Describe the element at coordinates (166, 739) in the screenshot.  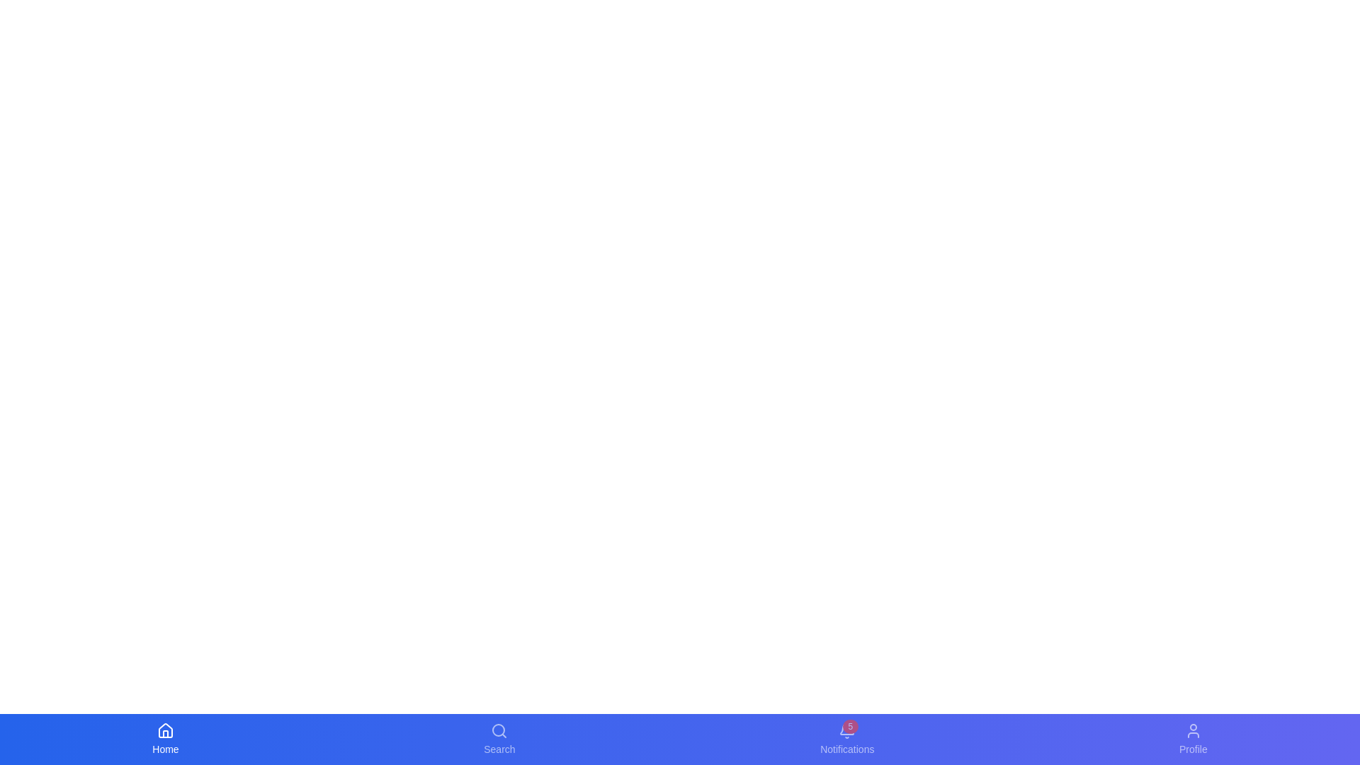
I see `the Home tab in the bottom navigation` at that location.